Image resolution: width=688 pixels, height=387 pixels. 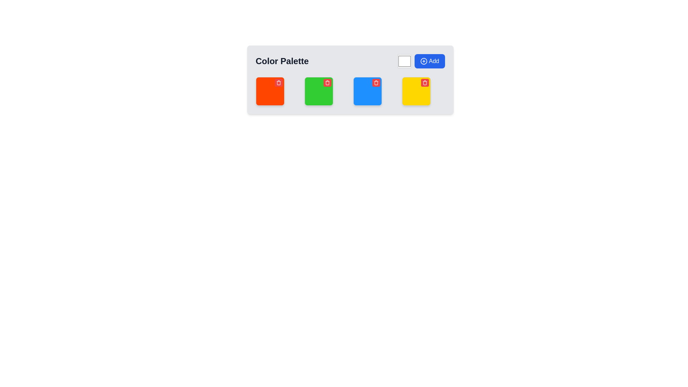 I want to click on the interactive color selection tile located at the fourth position in the color palette, so click(x=416, y=91).